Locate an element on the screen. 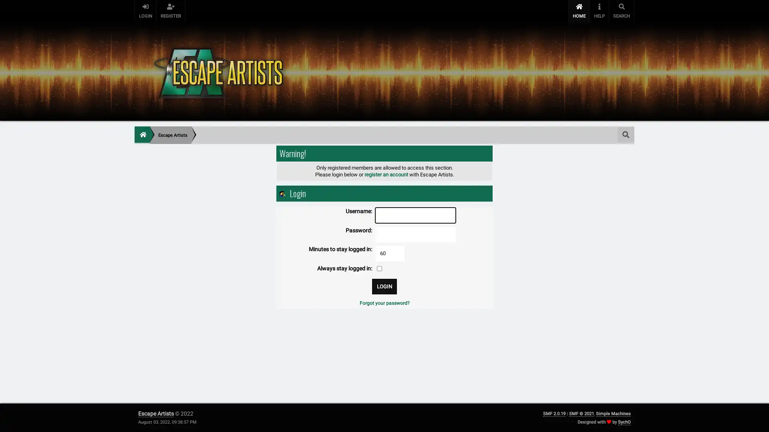 This screenshot has height=432, width=769. Login is located at coordinates (384, 286).